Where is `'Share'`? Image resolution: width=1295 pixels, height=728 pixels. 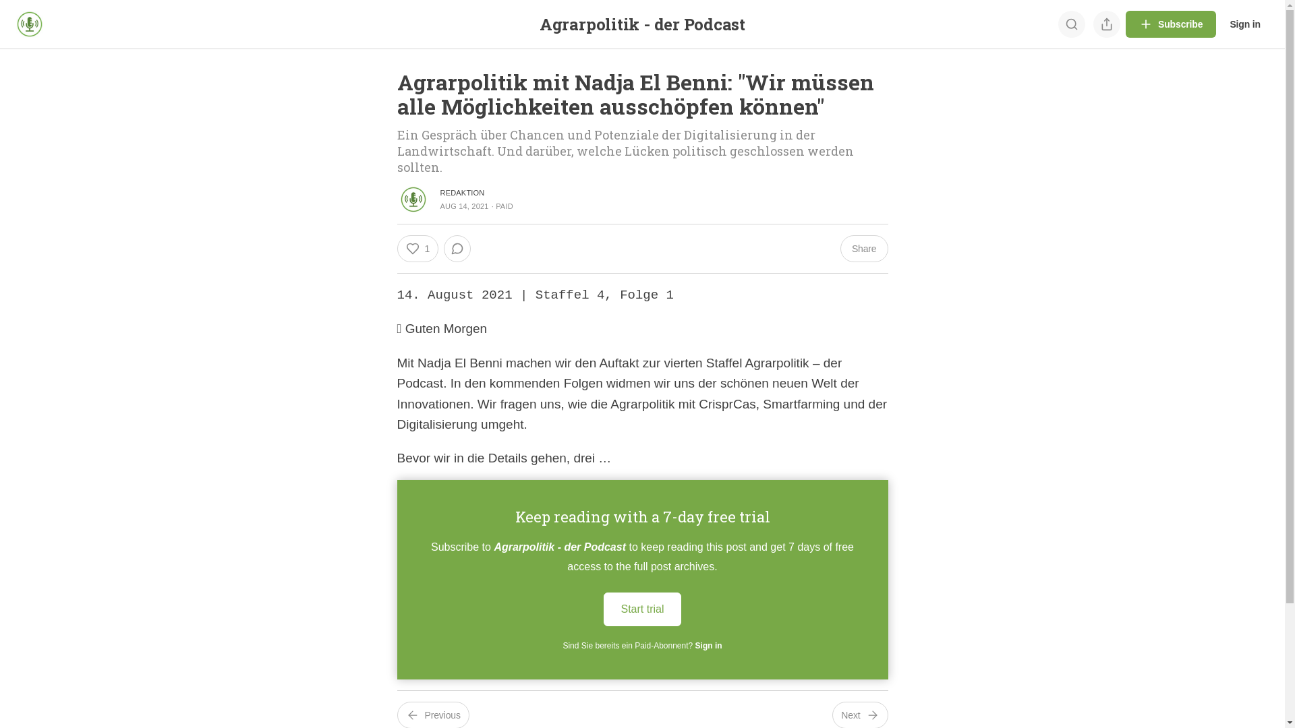 'Share' is located at coordinates (864, 249).